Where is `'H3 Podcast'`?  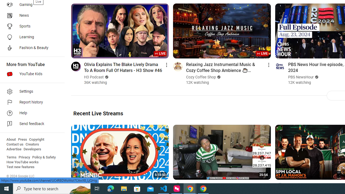 'H3 Podcast' is located at coordinates (94, 77).